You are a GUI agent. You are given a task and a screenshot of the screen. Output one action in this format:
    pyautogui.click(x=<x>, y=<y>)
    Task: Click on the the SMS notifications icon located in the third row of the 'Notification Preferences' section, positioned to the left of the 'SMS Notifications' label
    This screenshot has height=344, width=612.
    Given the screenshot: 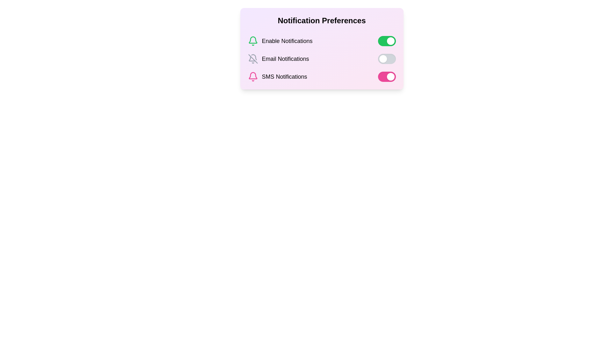 What is the action you would take?
    pyautogui.click(x=252, y=75)
    